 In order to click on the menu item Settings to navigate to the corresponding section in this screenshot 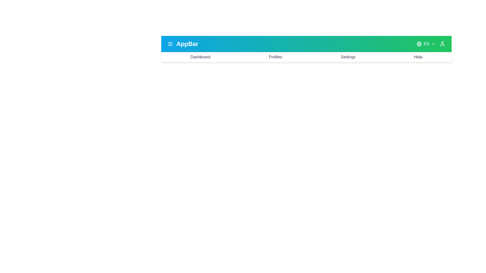, I will do `click(348, 57)`.